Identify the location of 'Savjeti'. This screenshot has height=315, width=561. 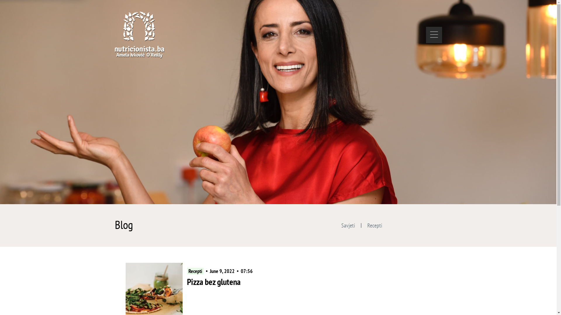
(348, 225).